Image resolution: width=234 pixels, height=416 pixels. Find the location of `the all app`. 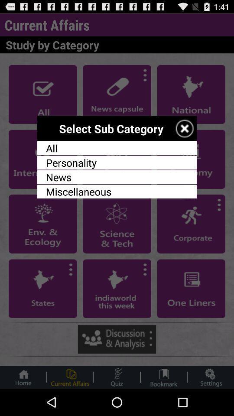

the all app is located at coordinates (117, 148).